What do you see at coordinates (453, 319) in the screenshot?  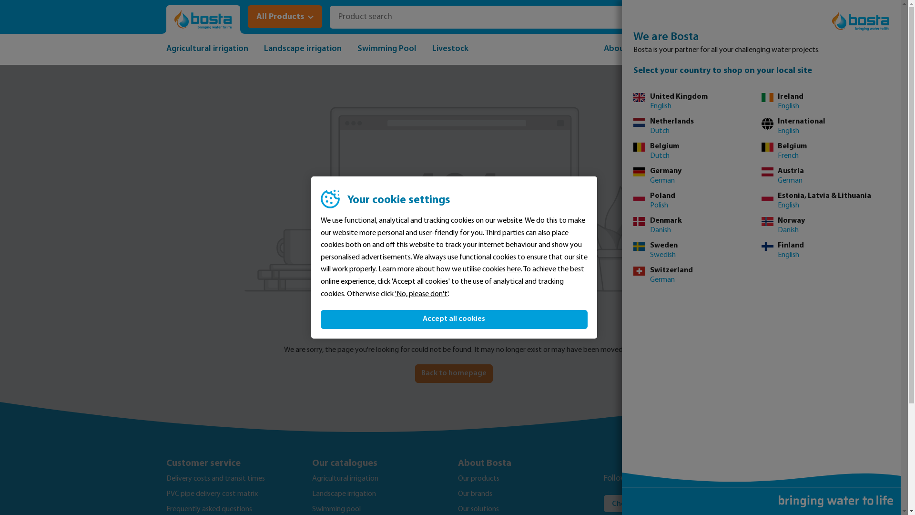 I see `'Accept all cookies'` at bounding box center [453, 319].